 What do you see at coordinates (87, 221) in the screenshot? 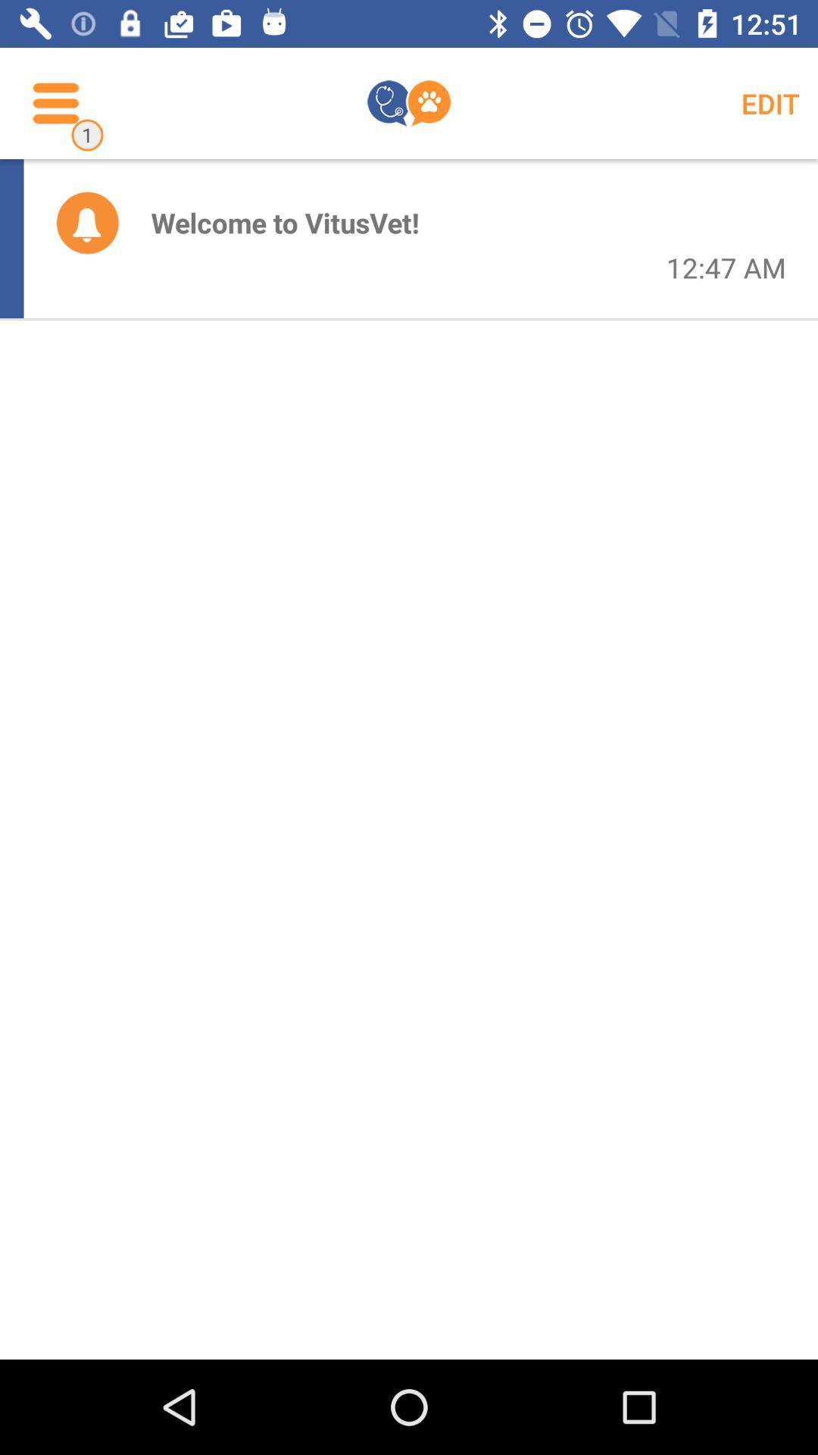
I see `the icon next to welcome to vitusvet!` at bounding box center [87, 221].